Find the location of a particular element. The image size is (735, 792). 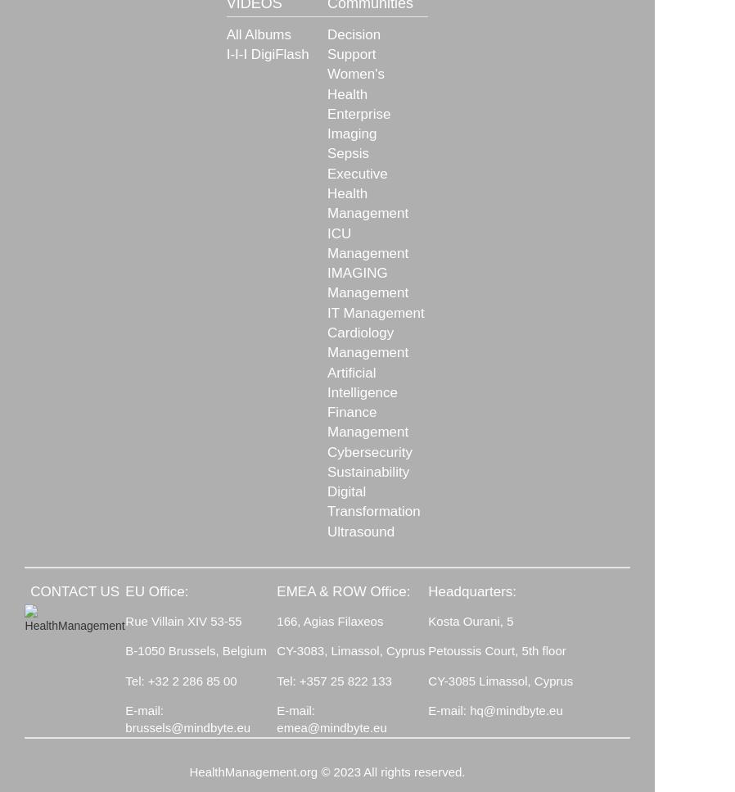

'Finance Management' is located at coordinates (367, 421).